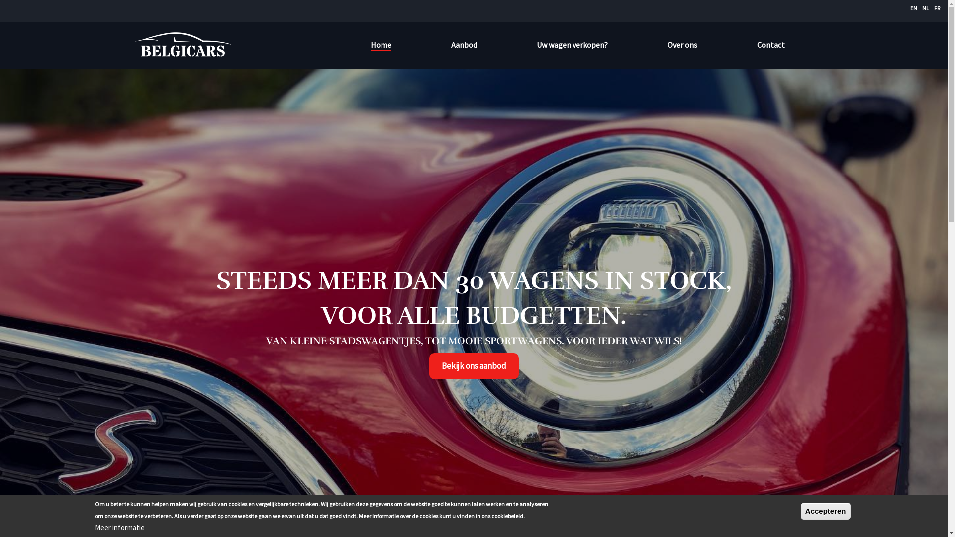 The height and width of the screenshot is (537, 955). What do you see at coordinates (933, 8) in the screenshot?
I see `'FR'` at bounding box center [933, 8].